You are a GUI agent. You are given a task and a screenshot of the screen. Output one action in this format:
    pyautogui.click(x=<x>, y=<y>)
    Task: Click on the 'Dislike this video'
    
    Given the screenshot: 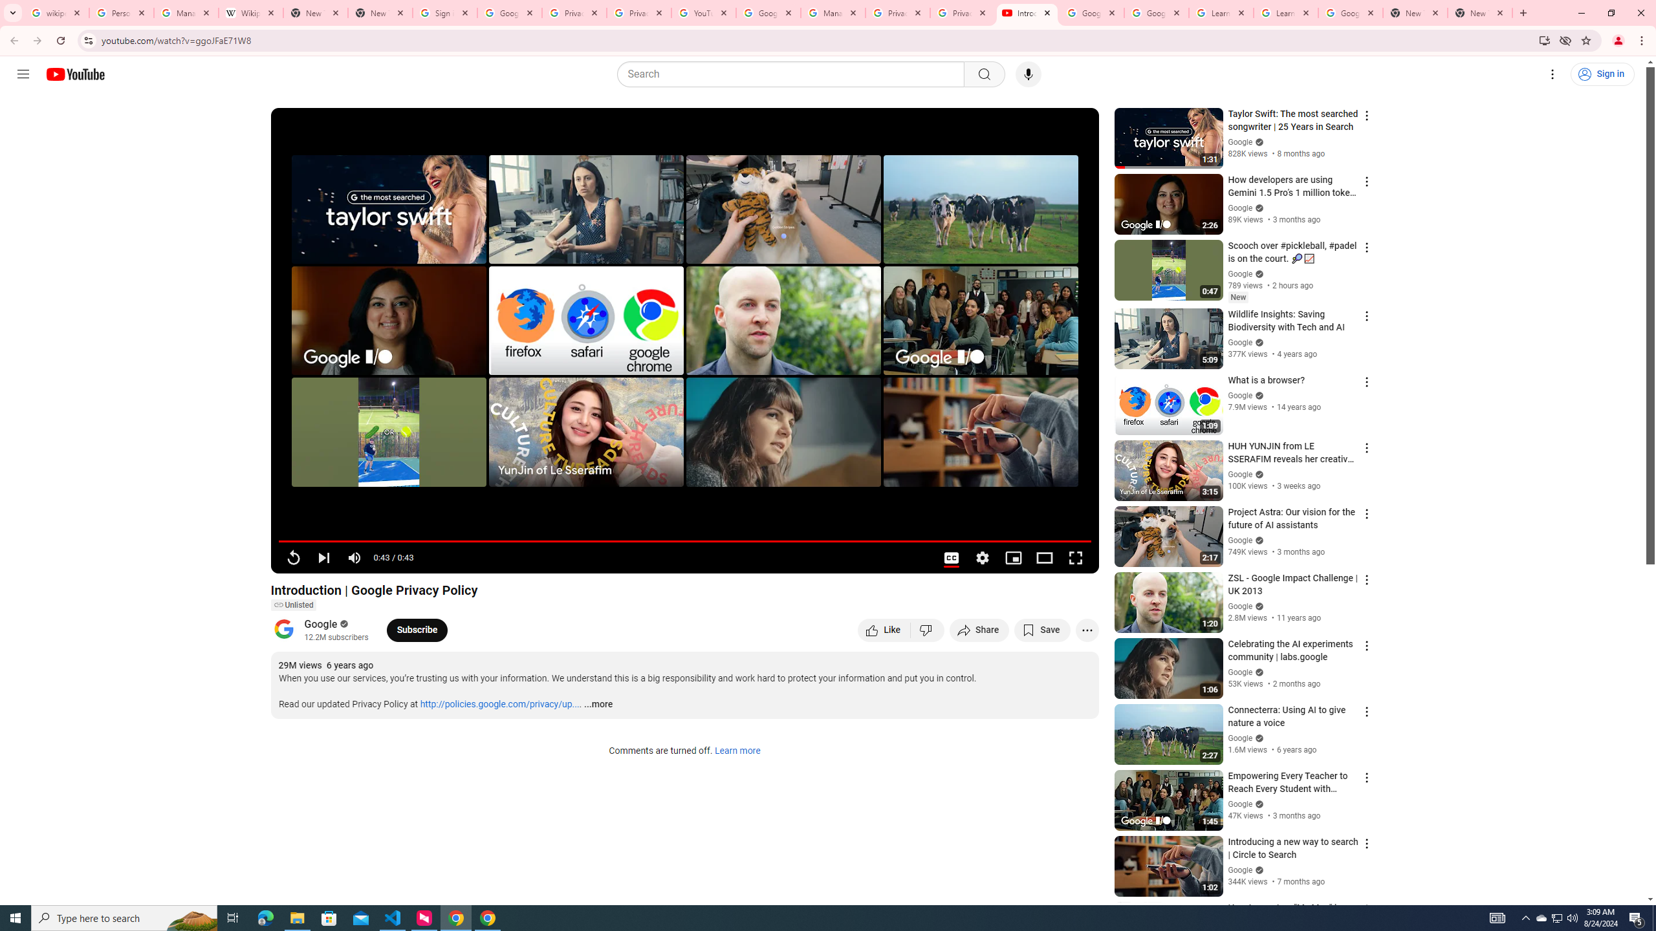 What is the action you would take?
    pyautogui.click(x=928, y=629)
    